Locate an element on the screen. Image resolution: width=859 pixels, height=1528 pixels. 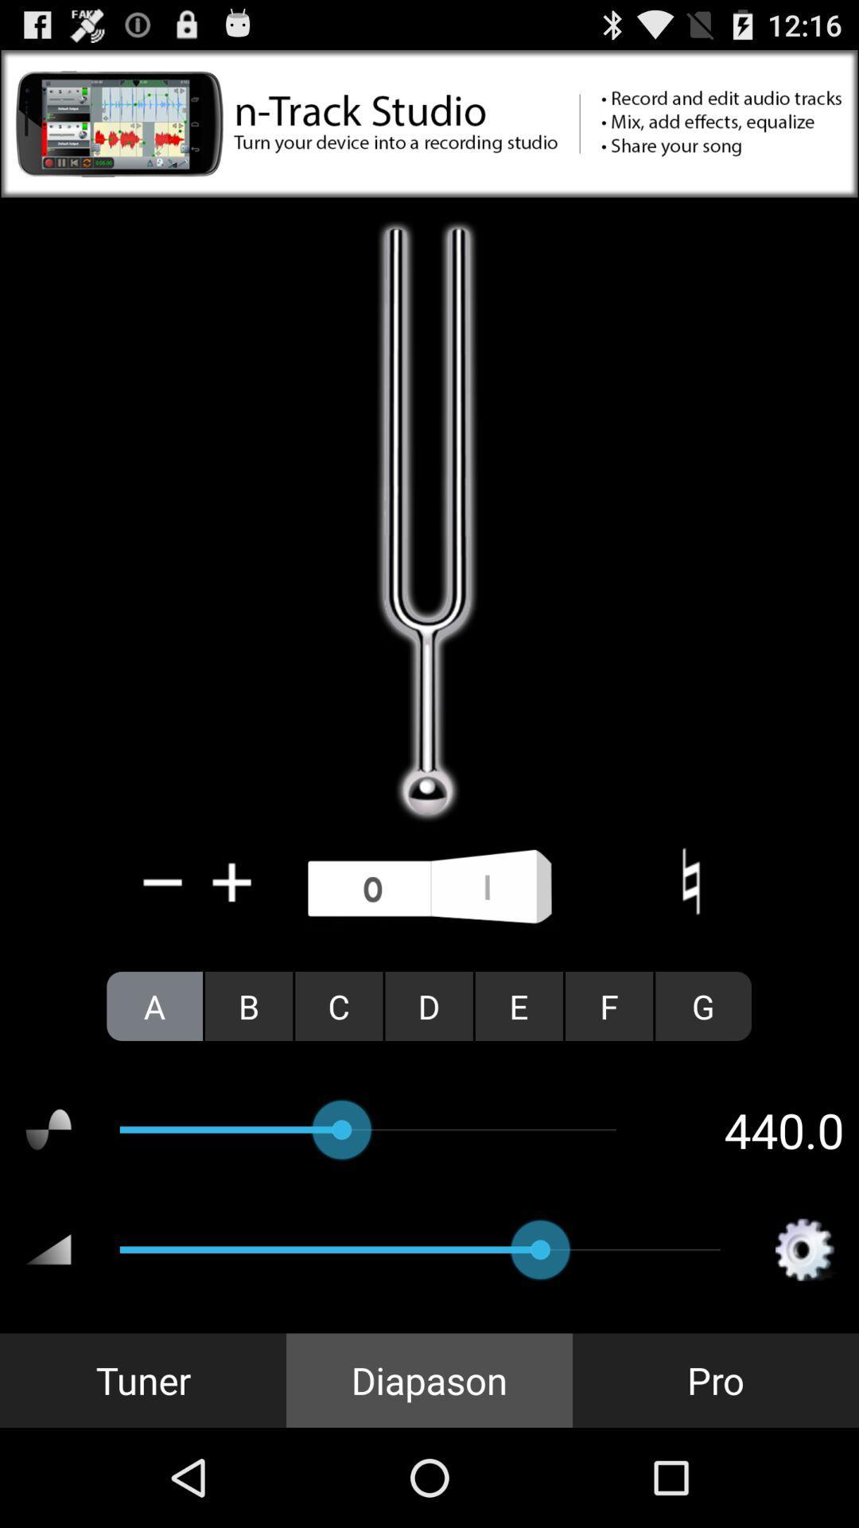
item above the 440.0 is located at coordinates (702, 1005).